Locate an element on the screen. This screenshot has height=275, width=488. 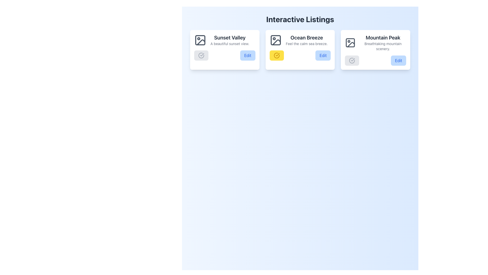
the text label that reads 'Breathtaking mountain scenery.' which is positioned below the title 'Mountain Peak' within its card is located at coordinates (383, 46).